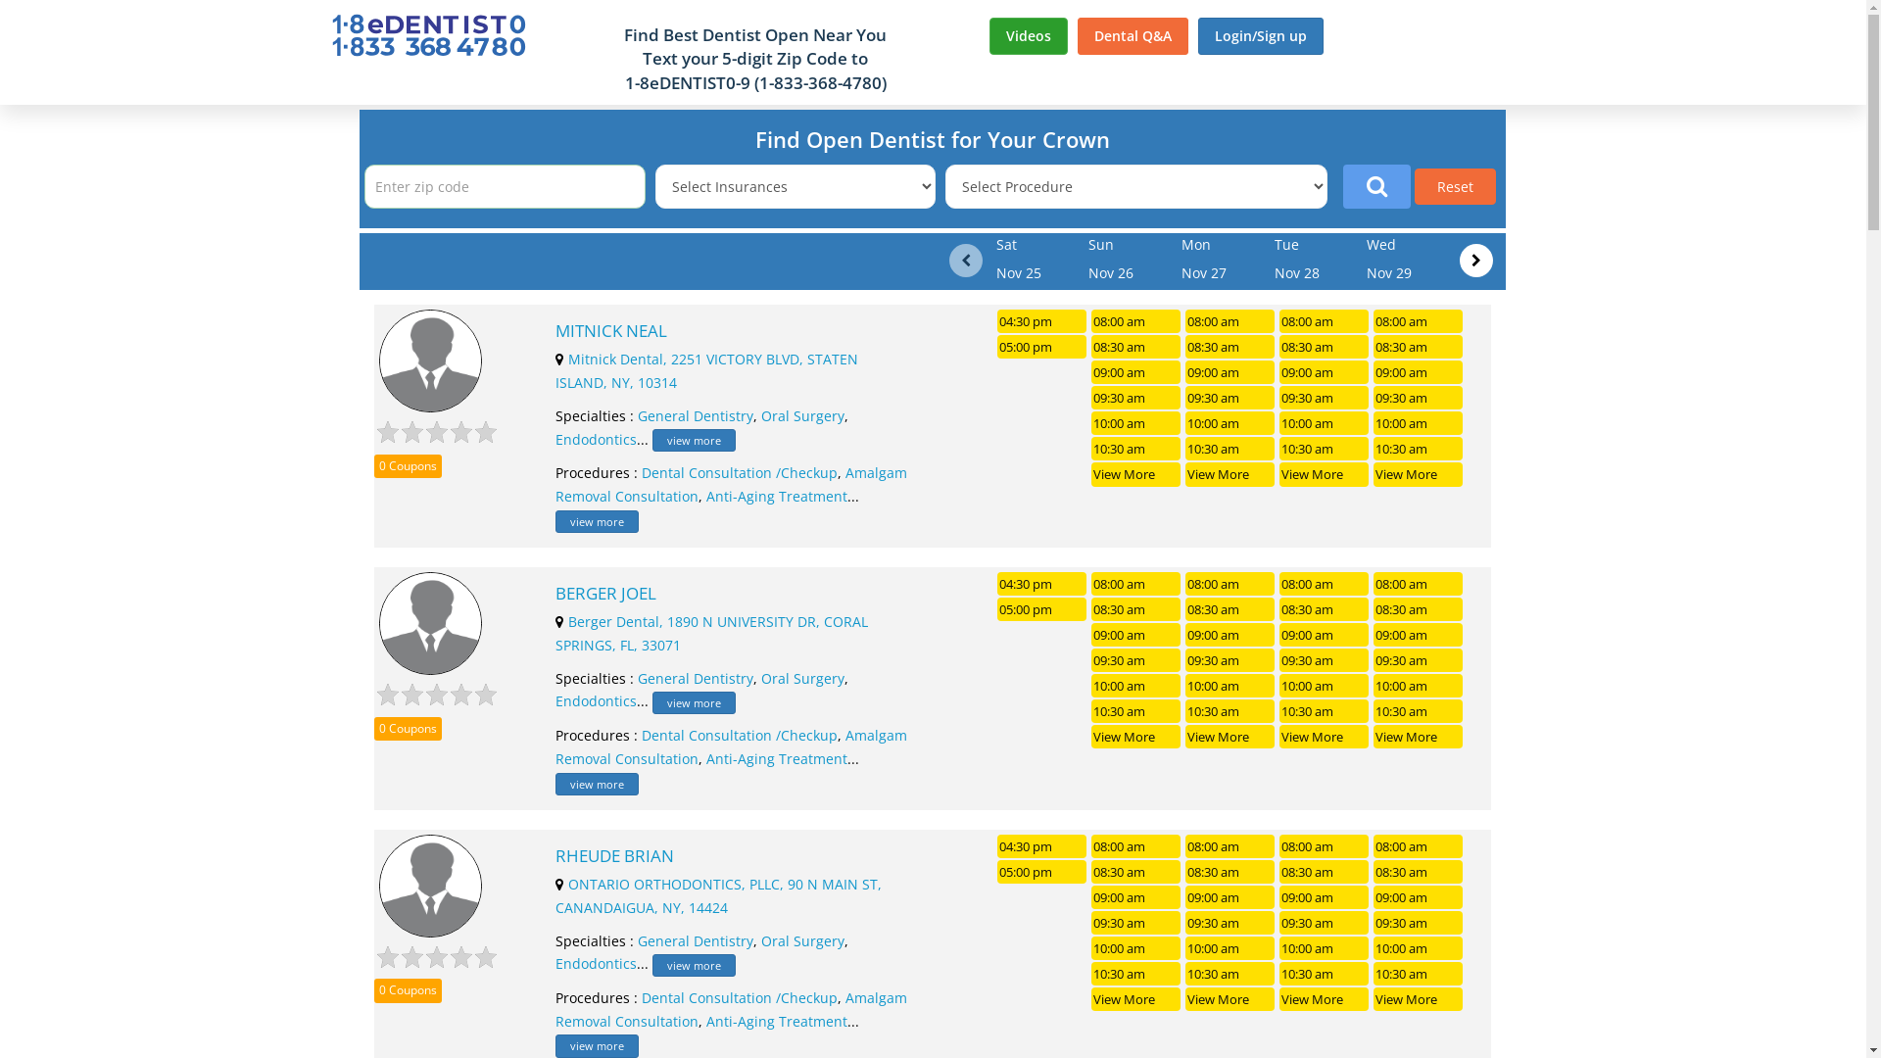 The width and height of the screenshot is (1881, 1058). Describe the element at coordinates (1133, 36) in the screenshot. I see `'Dental Q&A'` at that location.